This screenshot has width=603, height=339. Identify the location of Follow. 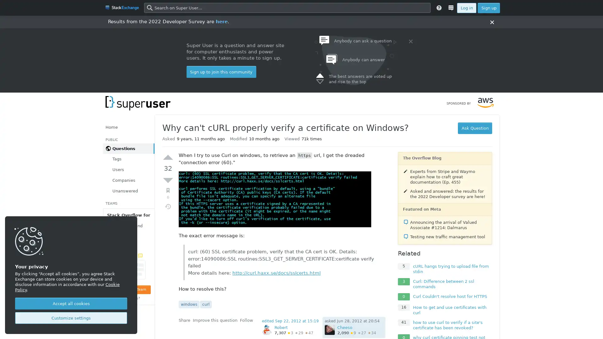
(246, 320).